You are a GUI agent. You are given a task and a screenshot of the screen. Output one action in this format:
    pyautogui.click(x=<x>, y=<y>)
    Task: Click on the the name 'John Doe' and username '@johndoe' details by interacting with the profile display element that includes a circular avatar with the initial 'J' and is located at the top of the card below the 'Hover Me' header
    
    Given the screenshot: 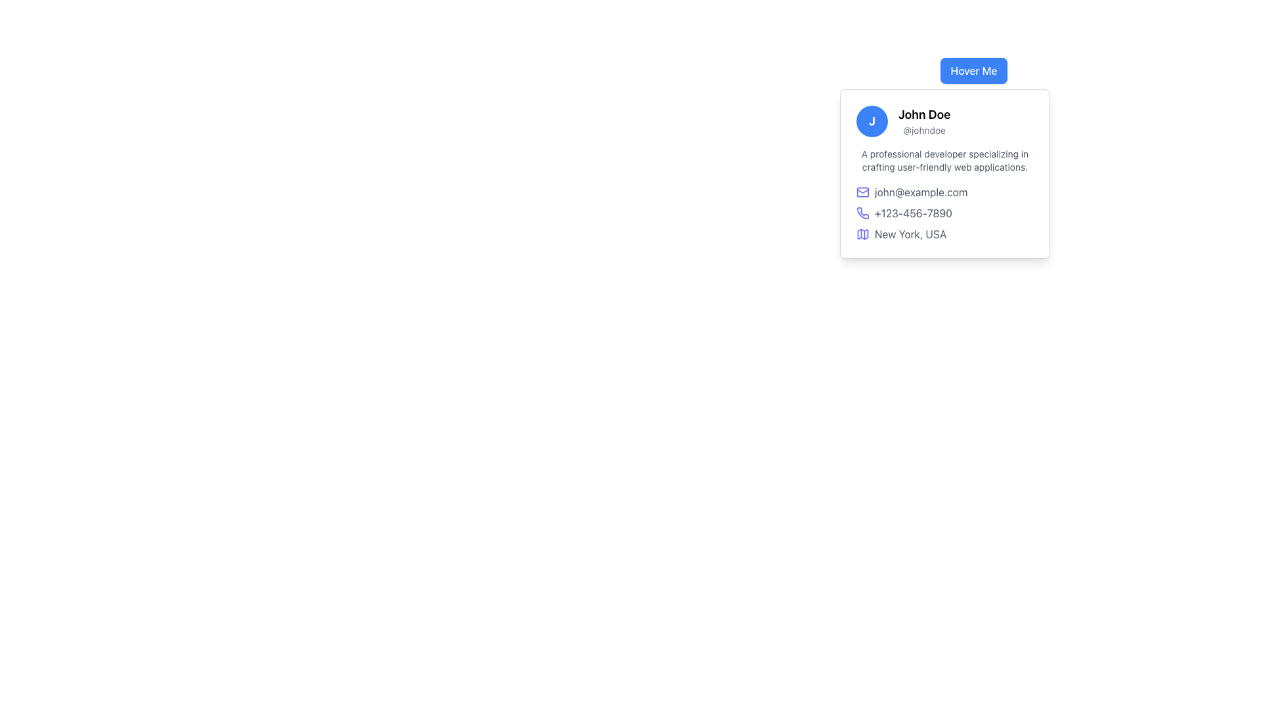 What is the action you would take?
    pyautogui.click(x=944, y=121)
    